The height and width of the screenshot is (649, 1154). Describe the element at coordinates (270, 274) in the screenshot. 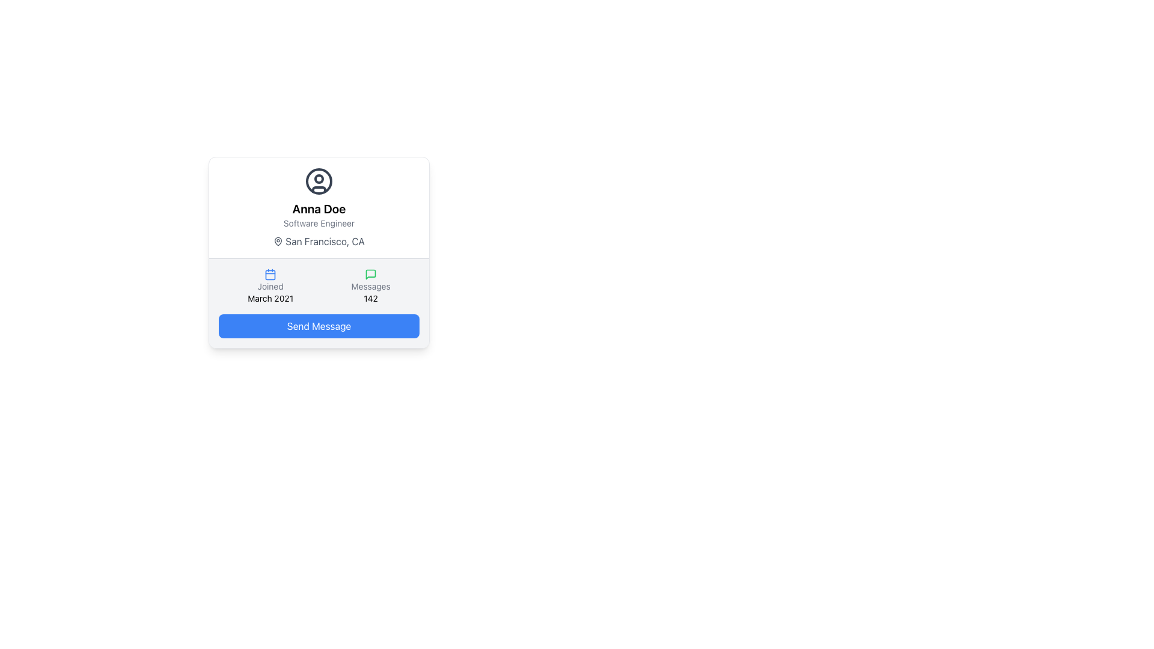

I see `the blue calendar icon located to the left of the text 'Joined' in the 'Joined March 2021' section of the profile card` at that location.